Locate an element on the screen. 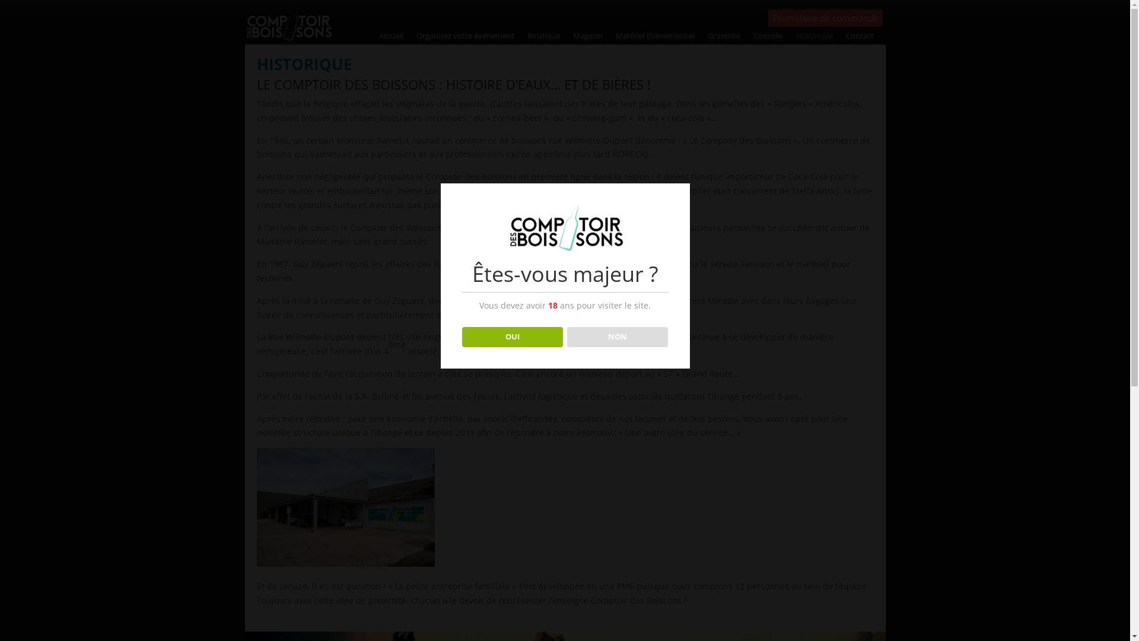 This screenshot has height=641, width=1139. 'NON' is located at coordinates (566, 337).